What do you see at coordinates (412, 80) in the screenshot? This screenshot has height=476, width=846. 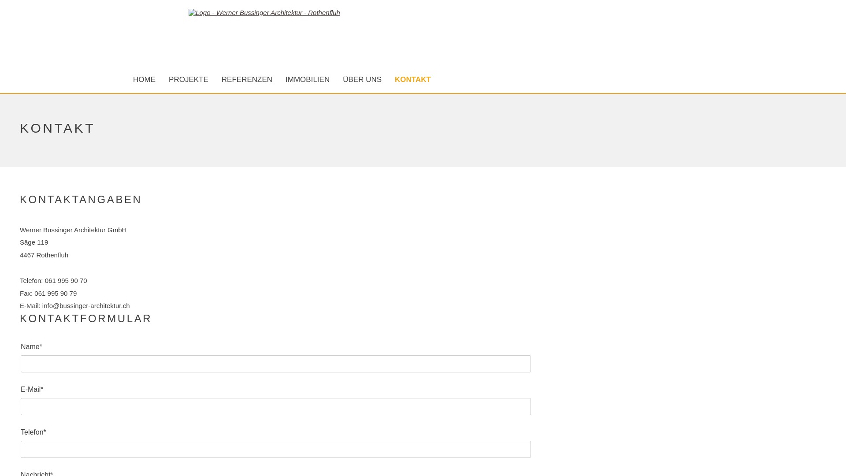 I see `'KONTAKT'` at bounding box center [412, 80].